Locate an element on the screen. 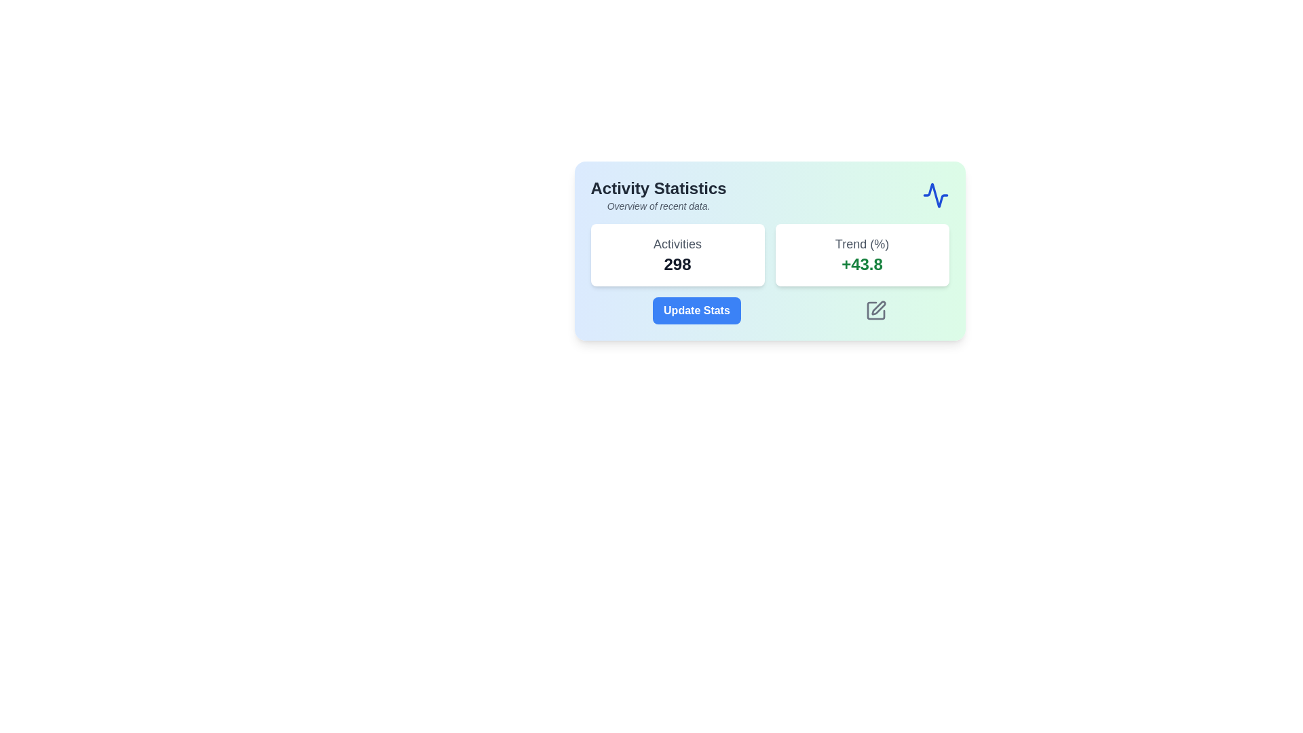 Image resolution: width=1303 pixels, height=733 pixels. the Text label that serves as the title or descriptor for the percentage figure ('+43.8') located in the top position of the white card within the 'Activity Statistics' panel is located at coordinates (861, 243).